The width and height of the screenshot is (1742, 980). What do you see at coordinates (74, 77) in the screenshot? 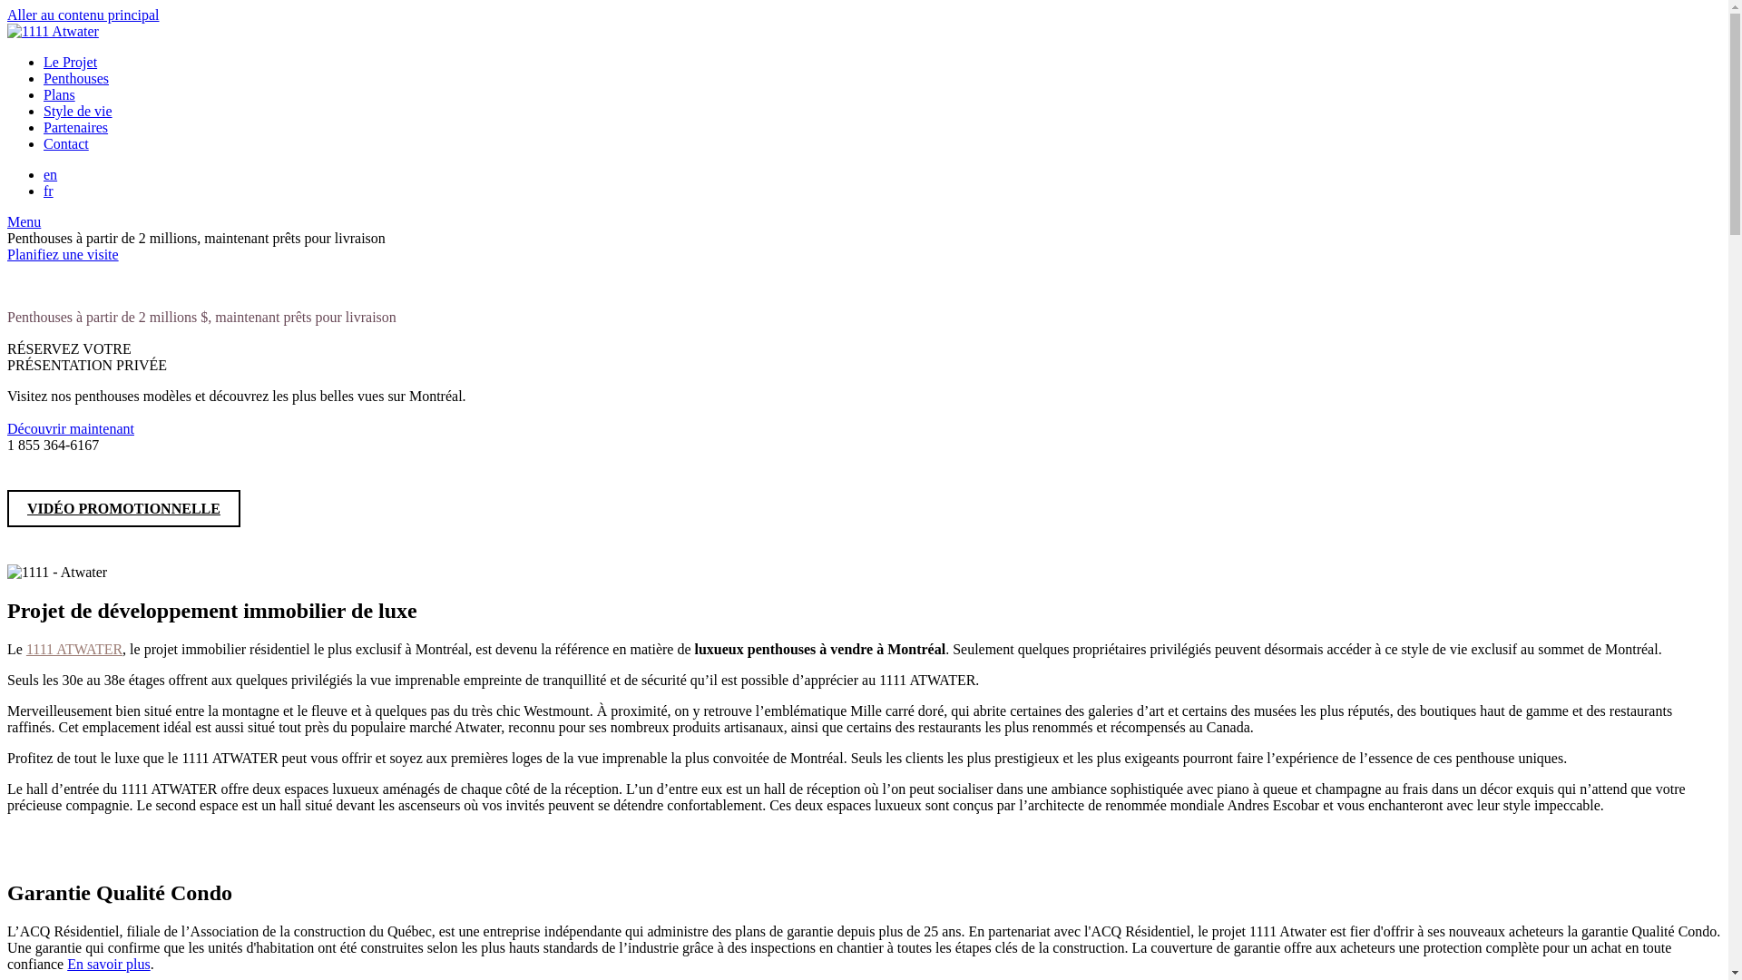
I see `'Penthouses'` at bounding box center [74, 77].